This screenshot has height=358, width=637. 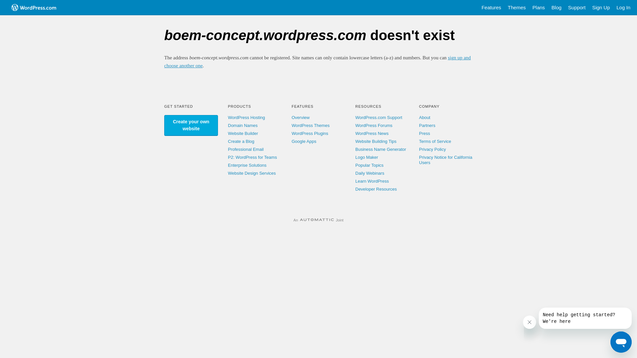 What do you see at coordinates (576, 8) in the screenshot?
I see `'Support'` at bounding box center [576, 8].